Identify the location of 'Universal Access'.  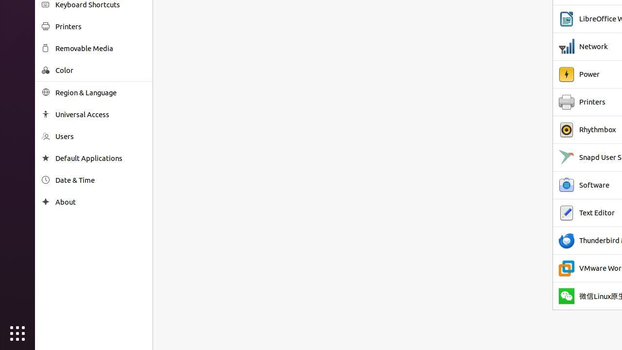
(100, 114).